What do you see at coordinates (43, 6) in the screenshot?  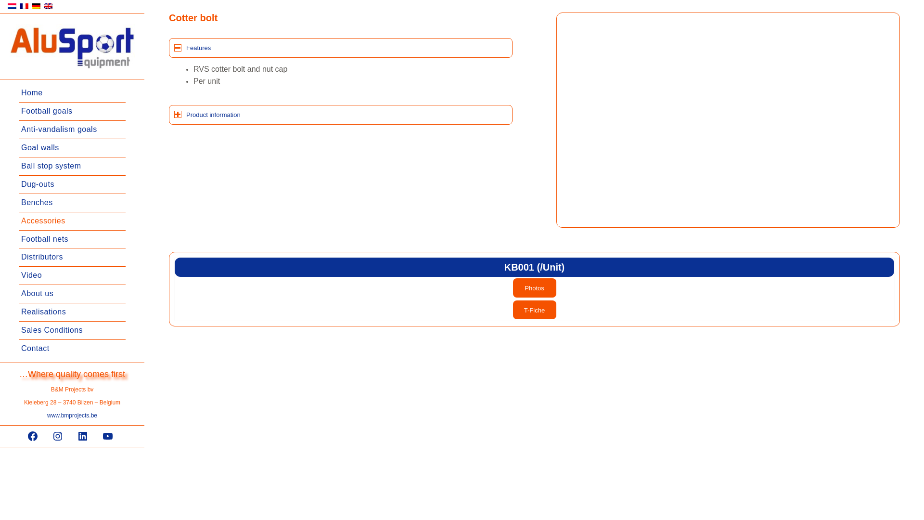 I see `'English'` at bounding box center [43, 6].